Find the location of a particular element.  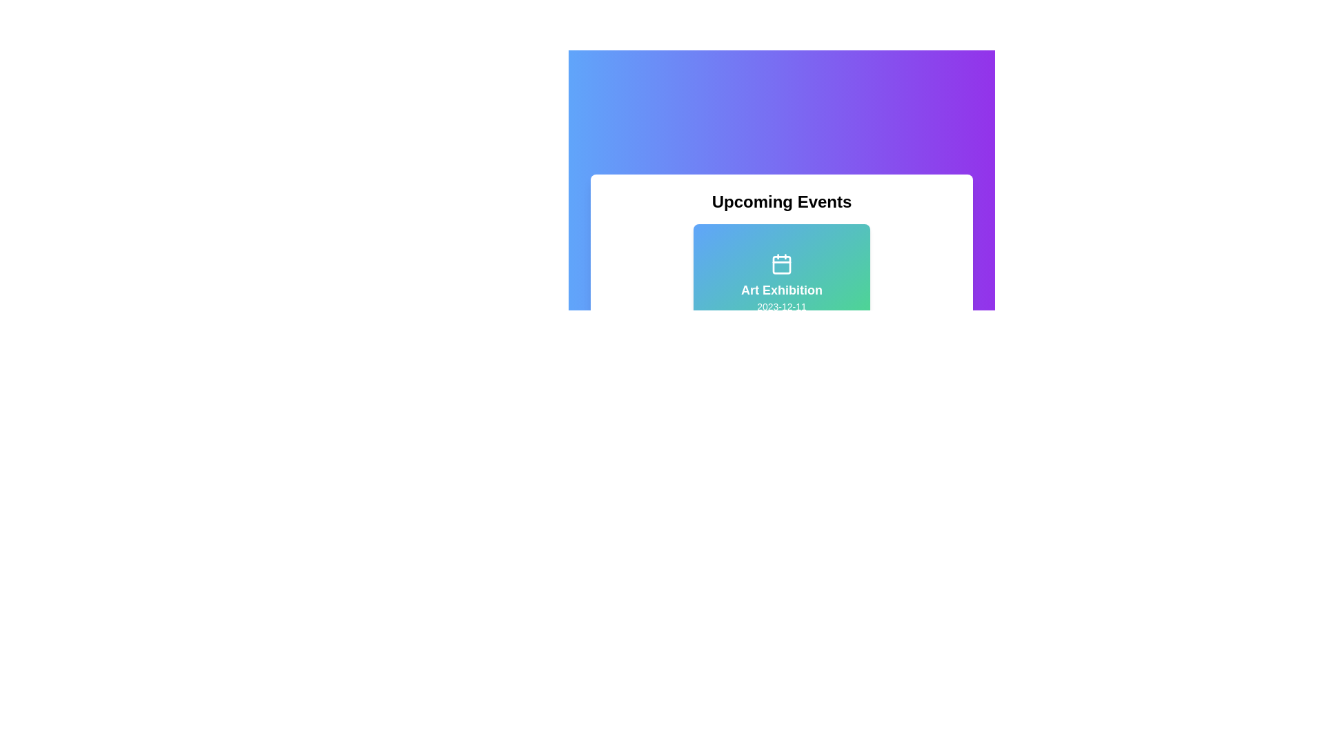

the main rounded rectangle component located centrally within the calendar icon, which is above the text 'Art Exhibition 2023-12-11' is located at coordinates (781, 265).